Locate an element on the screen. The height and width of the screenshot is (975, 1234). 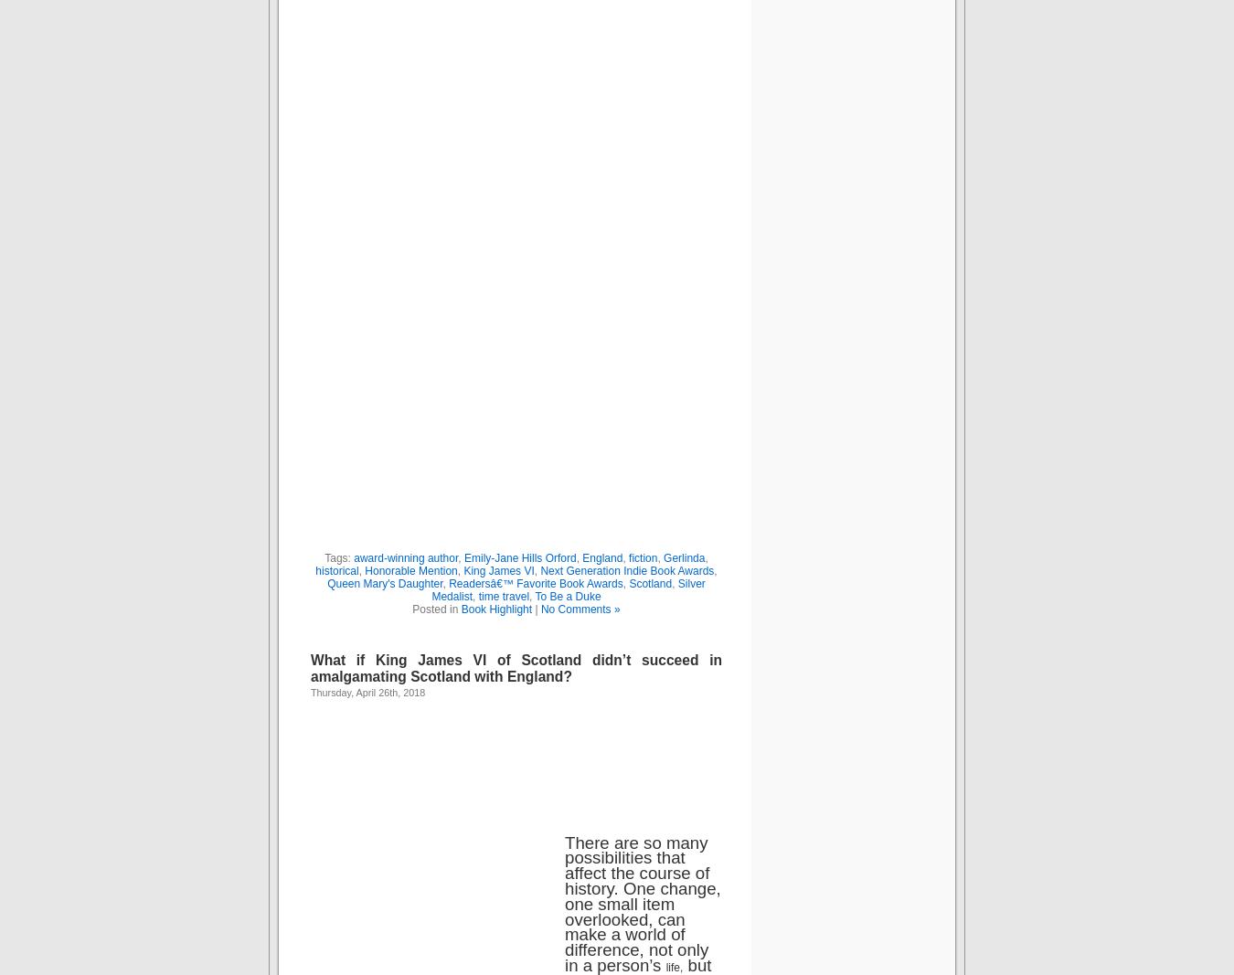
'time travel' is located at coordinates (502, 596).